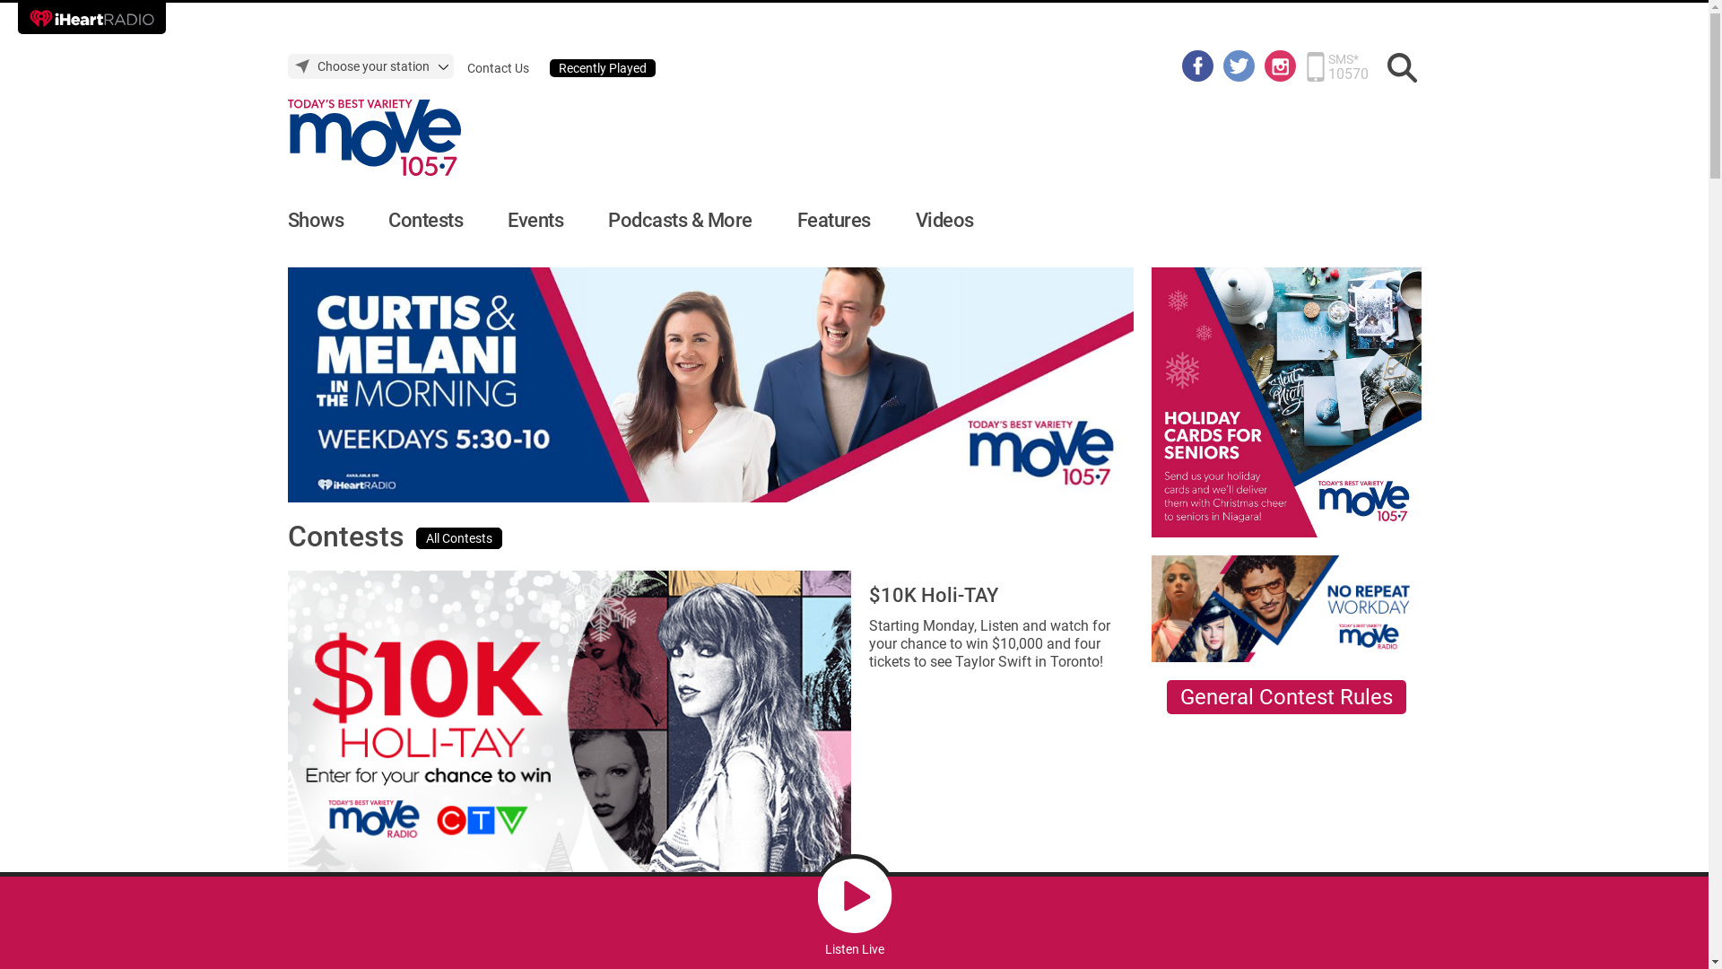 Image resolution: width=1722 pixels, height=969 pixels. Describe the element at coordinates (853, 895) in the screenshot. I see `'Play'` at that location.